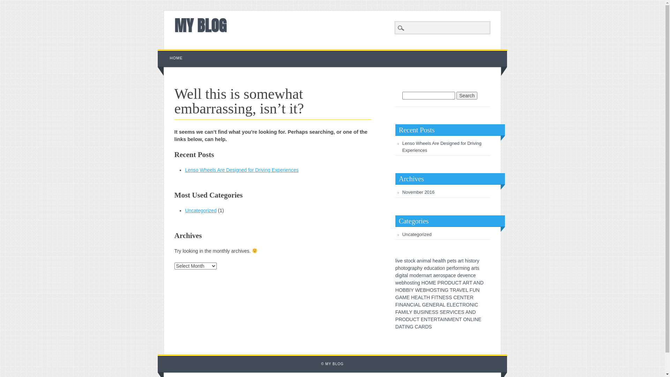  What do you see at coordinates (421, 275) in the screenshot?
I see `'r'` at bounding box center [421, 275].